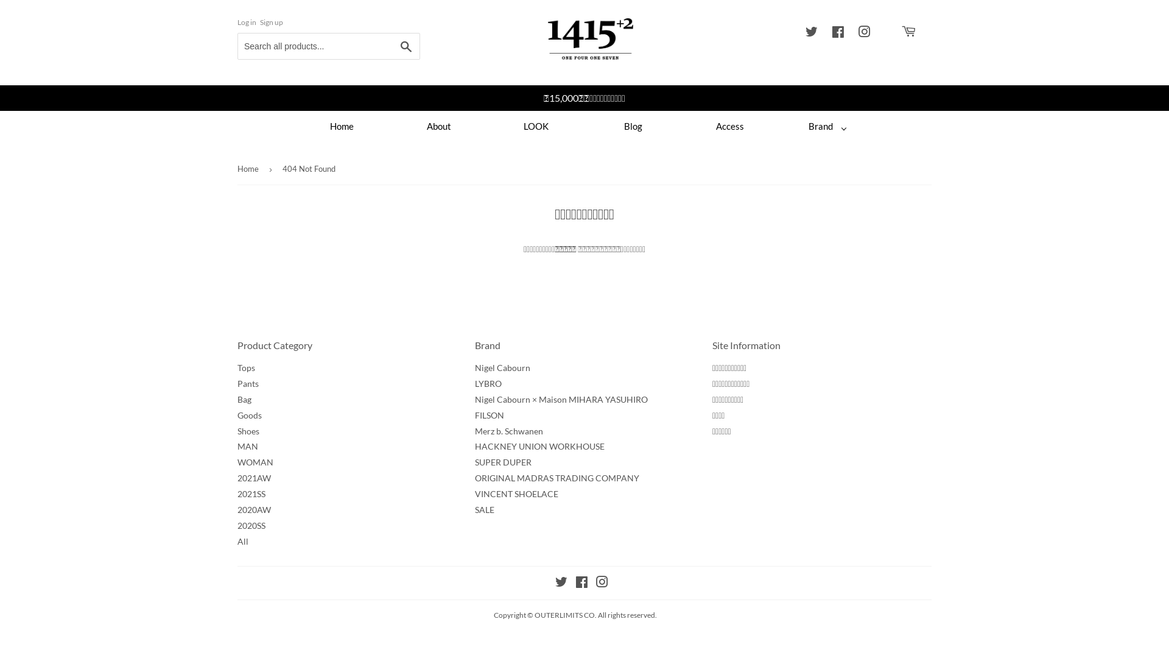  Describe the element at coordinates (253, 509) in the screenshot. I see `'2020AW'` at that location.